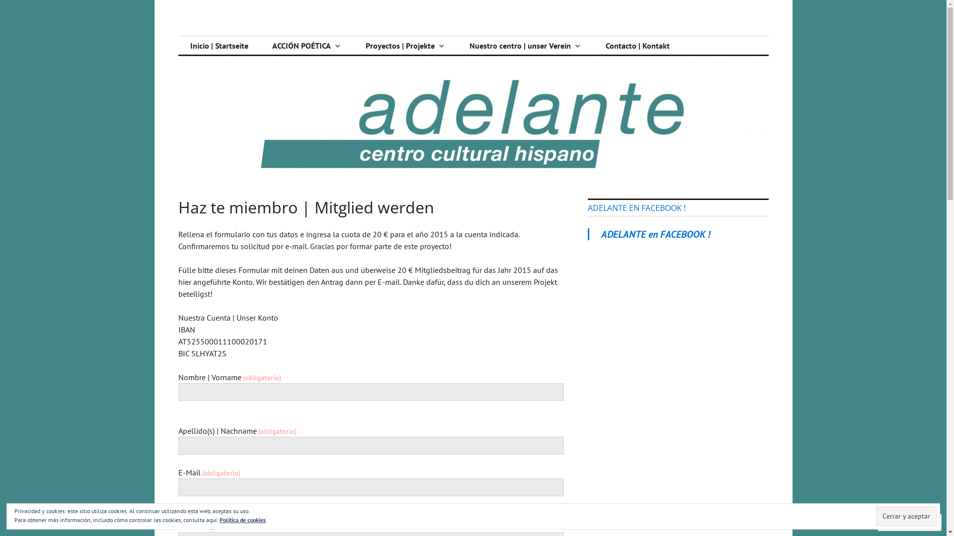 The width and height of the screenshot is (954, 536). Describe the element at coordinates (218, 46) in the screenshot. I see `'Inicio | Startseite'` at that location.